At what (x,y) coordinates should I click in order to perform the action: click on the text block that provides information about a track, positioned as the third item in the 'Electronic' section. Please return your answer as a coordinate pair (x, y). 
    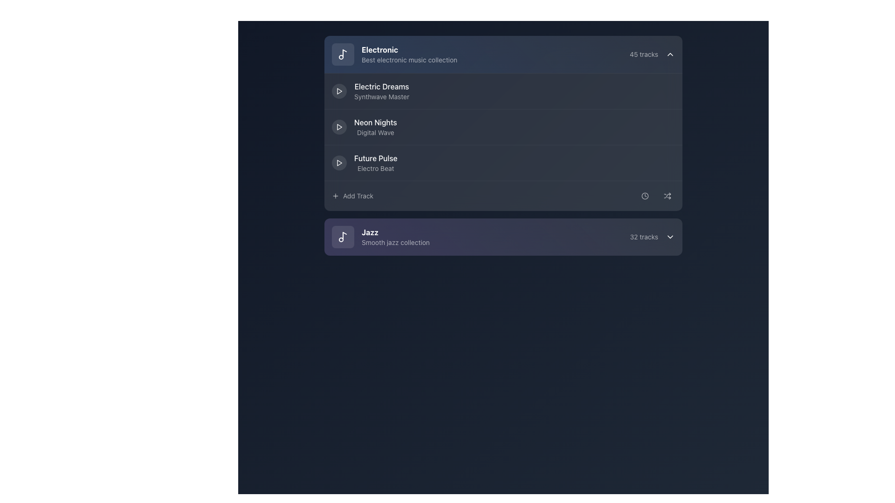
    Looking at the image, I should click on (375, 127).